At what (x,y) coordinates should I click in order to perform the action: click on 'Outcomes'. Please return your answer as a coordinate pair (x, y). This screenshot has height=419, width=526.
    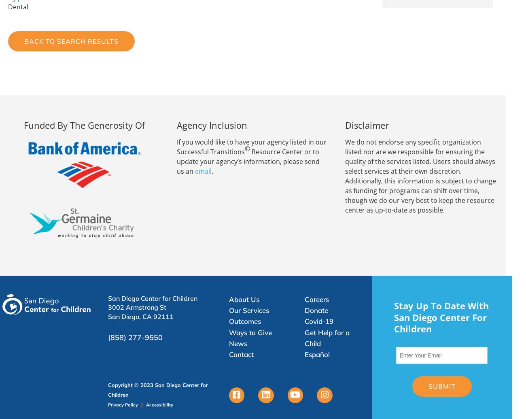
    Looking at the image, I should click on (244, 321).